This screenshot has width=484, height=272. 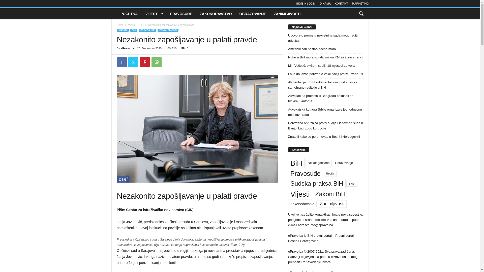 What do you see at coordinates (360, 4) in the screenshot?
I see `'MARKETING'` at bounding box center [360, 4].